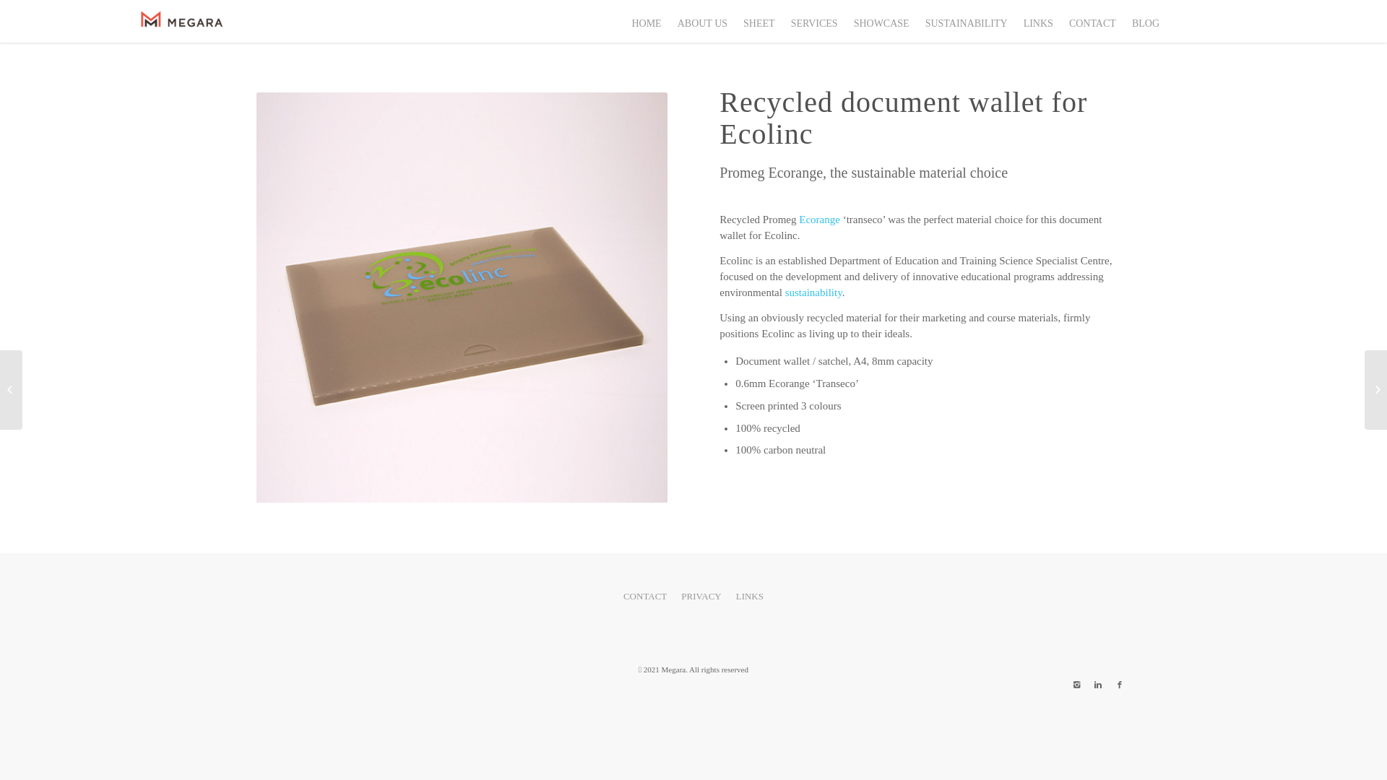 This screenshot has width=1387, height=780. Describe the element at coordinates (623, 21) in the screenshot. I see `'HOME'` at that location.